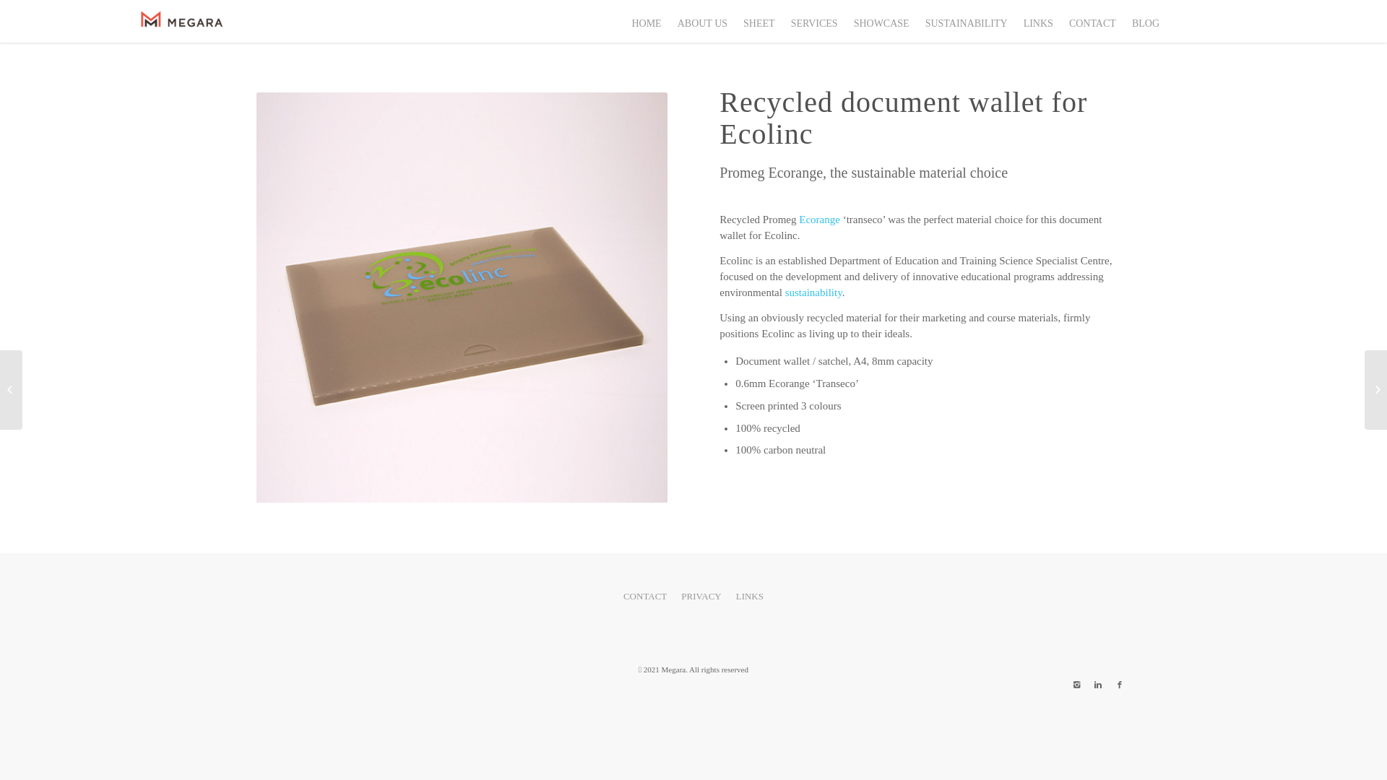 This screenshot has width=1387, height=780. Describe the element at coordinates (623, 21) in the screenshot. I see `'HOME'` at that location.